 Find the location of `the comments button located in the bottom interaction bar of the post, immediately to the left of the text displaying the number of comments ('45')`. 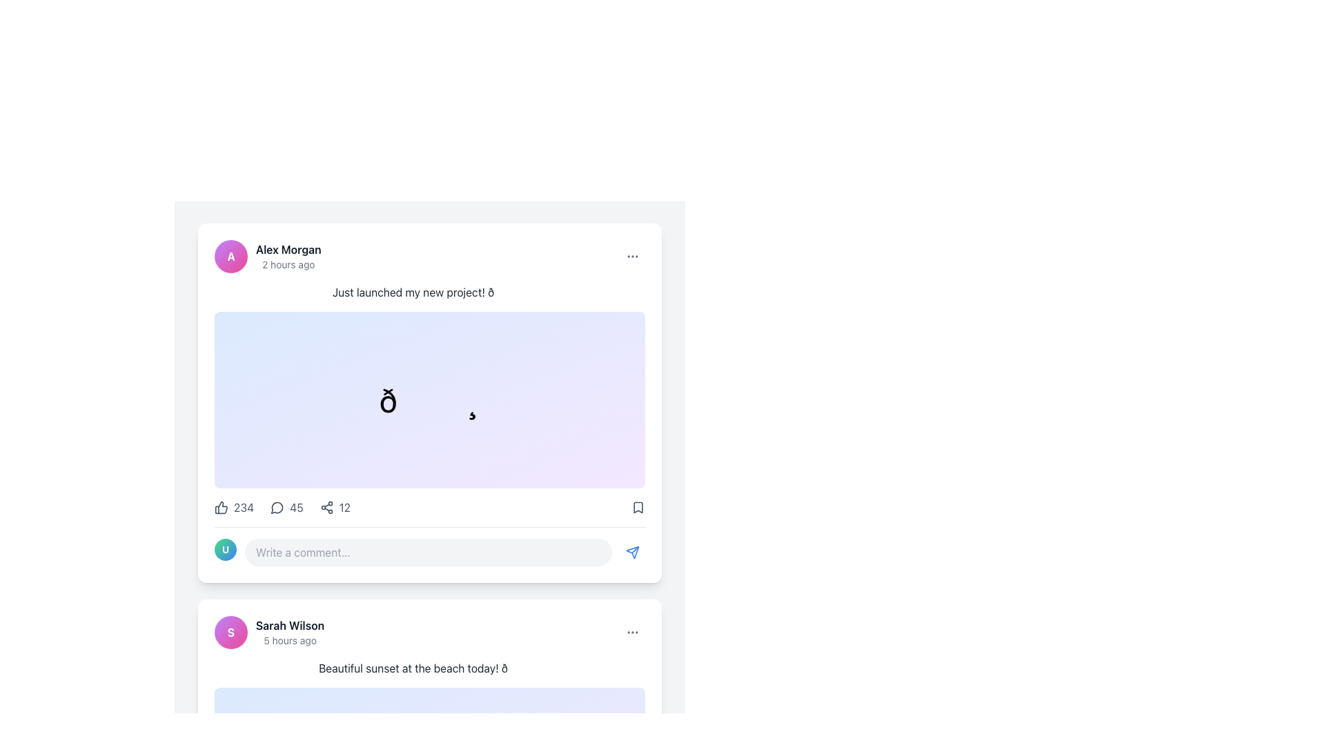

the comments button located in the bottom interaction bar of the post, immediately to the left of the text displaying the number of comments ('45') is located at coordinates (277, 508).